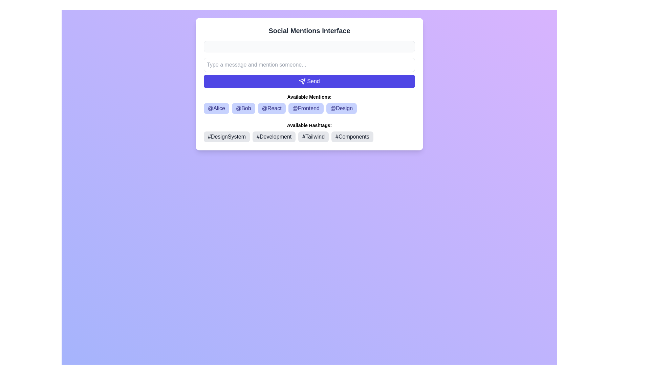 Image resolution: width=650 pixels, height=365 pixels. I want to click on the send button located directly below the text input field labeled 'Type a message and mention someone...' to send the composed message, so click(309, 81).